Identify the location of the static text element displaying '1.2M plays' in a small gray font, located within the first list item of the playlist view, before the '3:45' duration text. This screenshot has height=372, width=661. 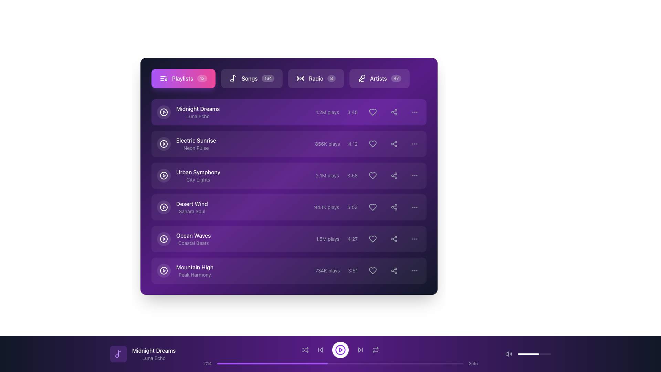
(327, 112).